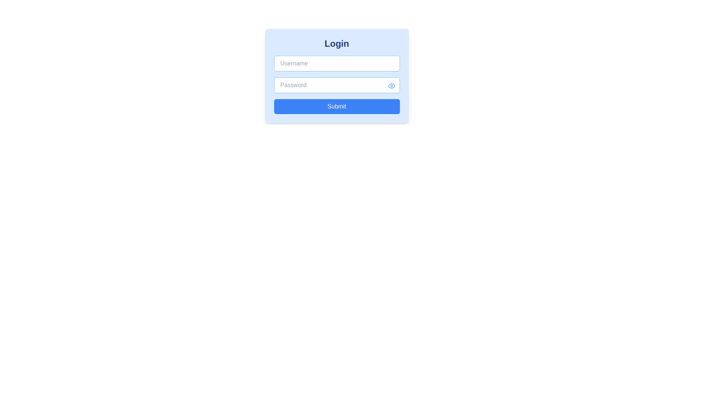  Describe the element at coordinates (391, 85) in the screenshot. I see `the eye icon button next to the password input field` at that location.